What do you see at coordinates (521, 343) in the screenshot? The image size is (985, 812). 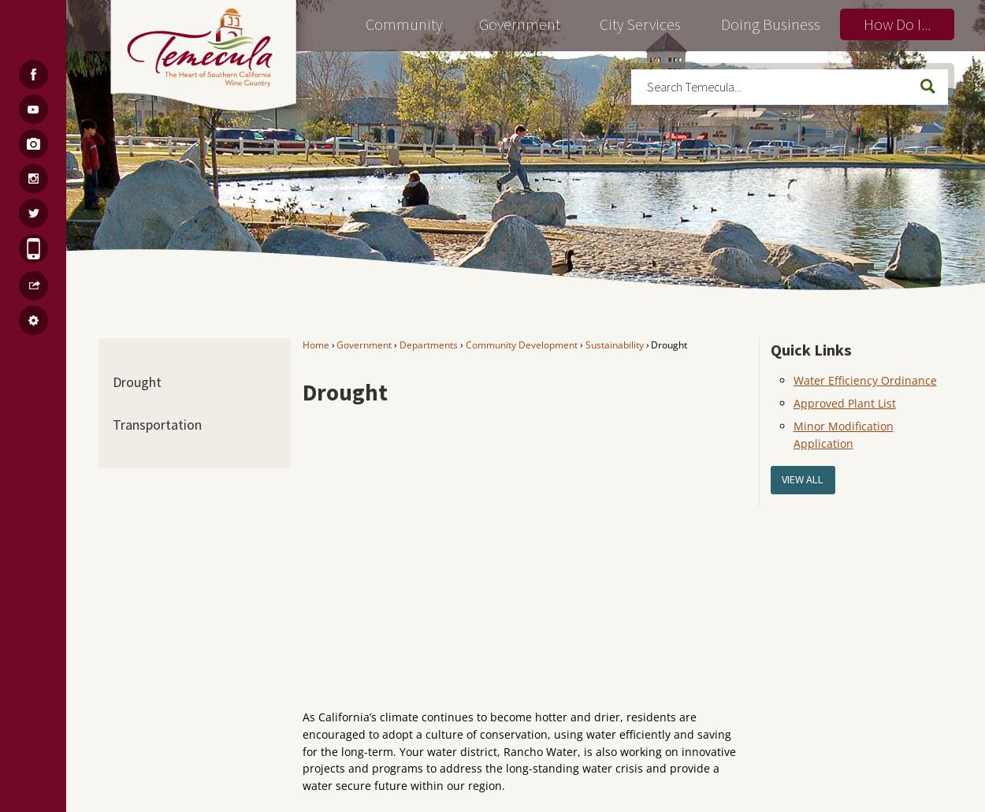 I see `'Community Development'` at bounding box center [521, 343].